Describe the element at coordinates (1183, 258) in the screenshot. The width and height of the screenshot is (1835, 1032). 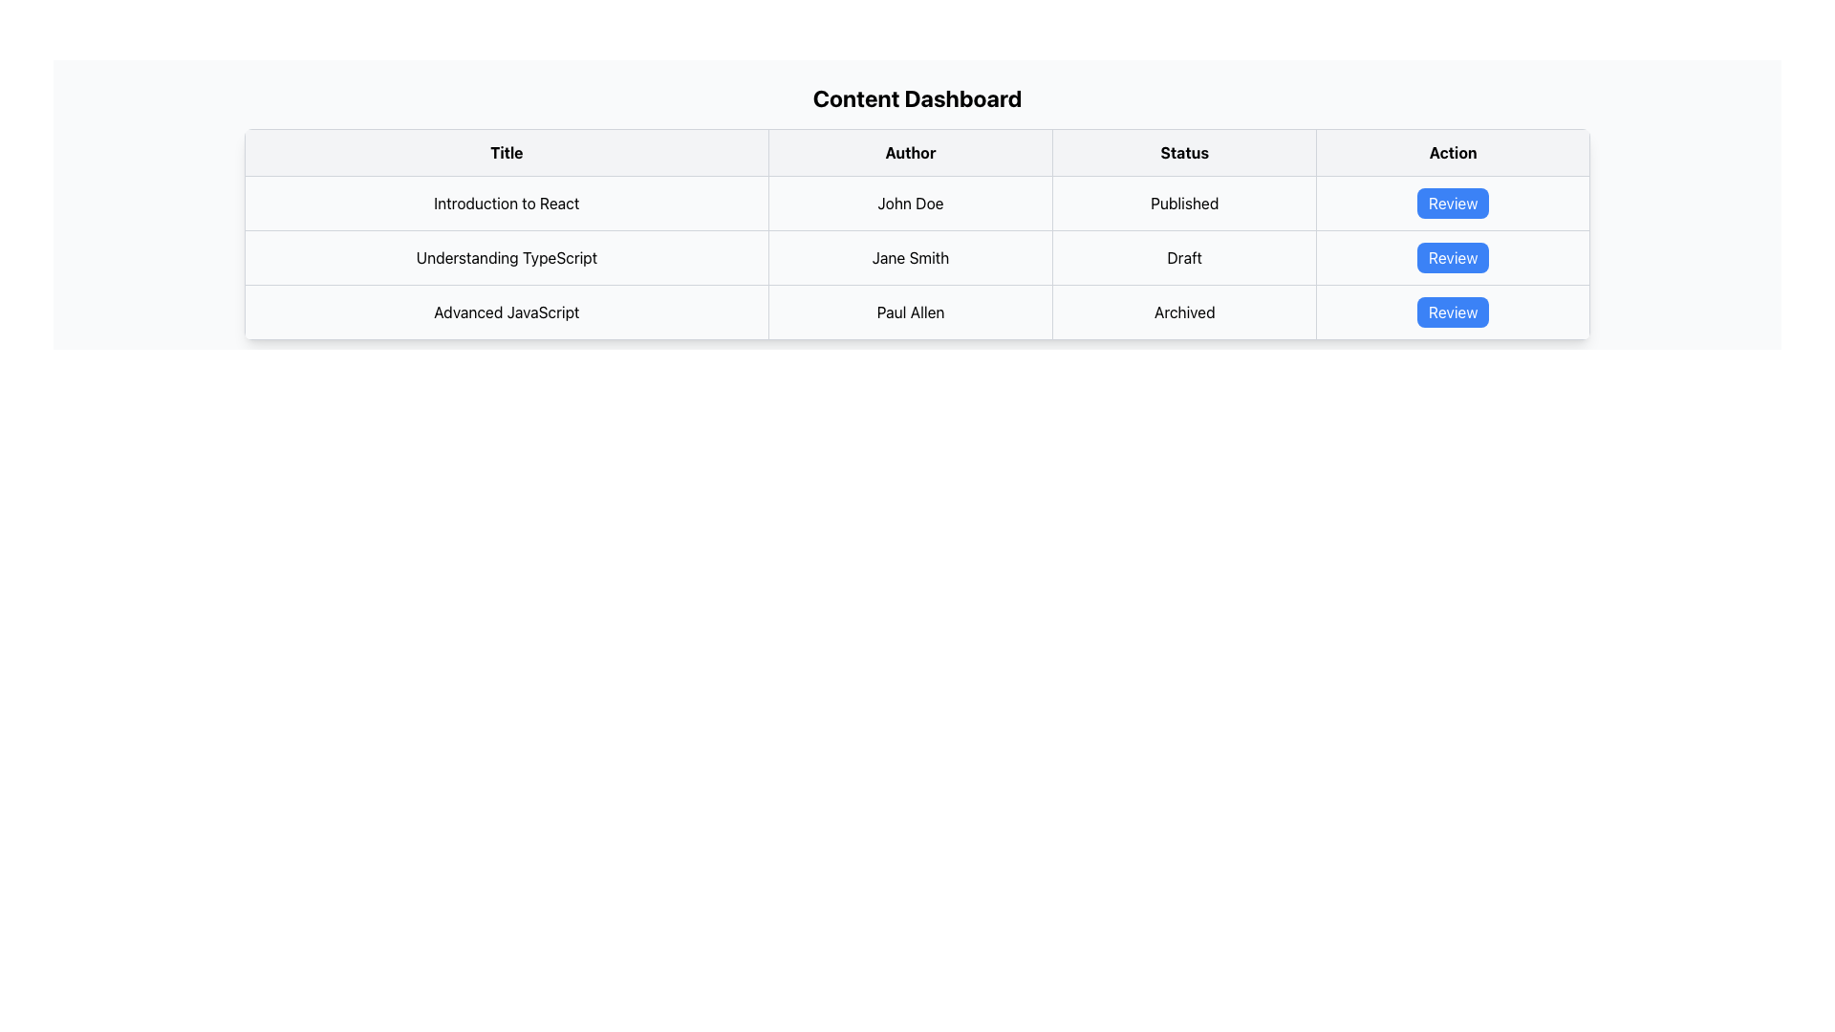
I see `the non-interactive status label in the third column of the second row of the table, which indicates the status for 'Understanding TypeScript' associated with 'Jane Smith'` at that location.